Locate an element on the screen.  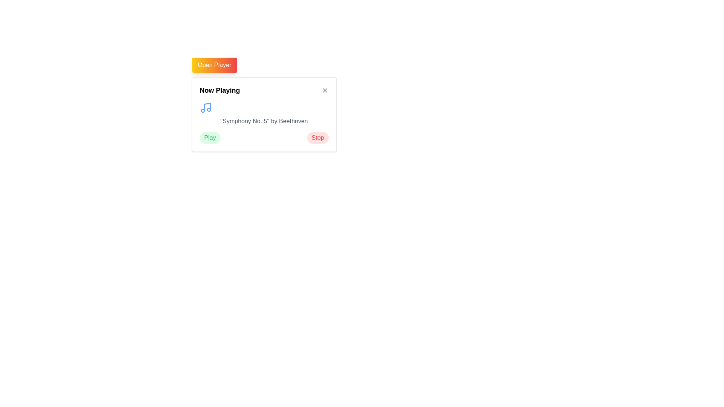
the 'Play' button with a light green background and rounded edges is located at coordinates (210, 138).